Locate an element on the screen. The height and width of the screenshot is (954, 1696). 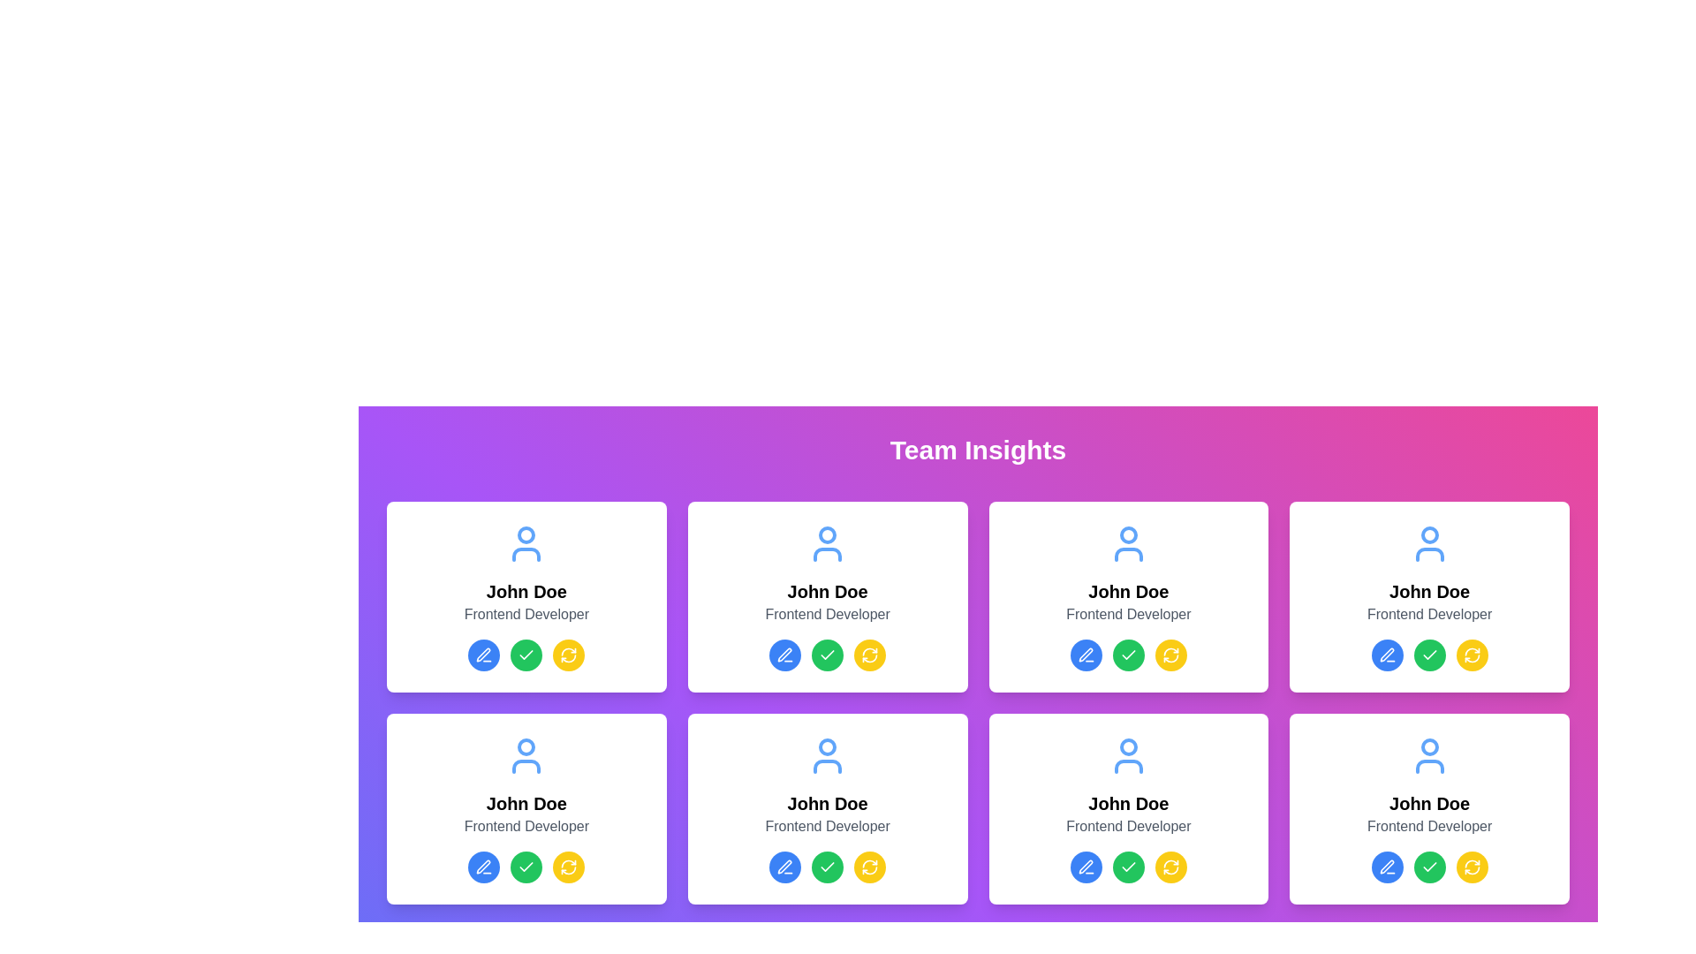
the third button in the horizontal row of buttons within the card layout to reset or refresh the associated content is located at coordinates (870, 867).